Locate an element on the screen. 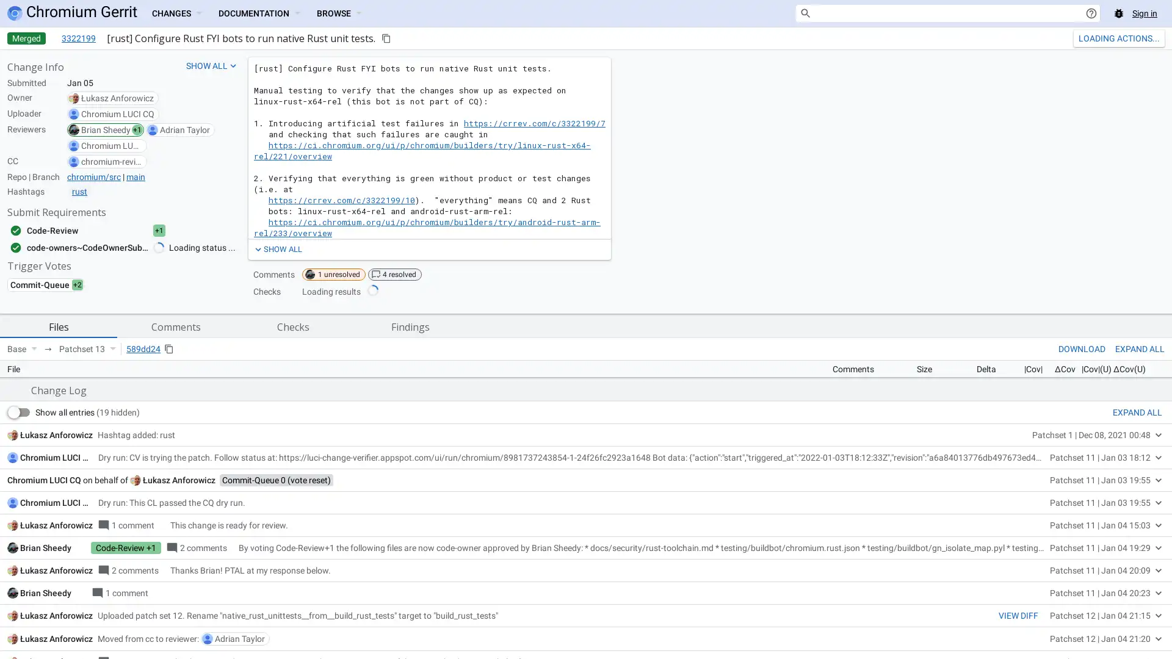 This screenshot has width=1172, height=659. Patchset 13 is located at coordinates (87, 348).